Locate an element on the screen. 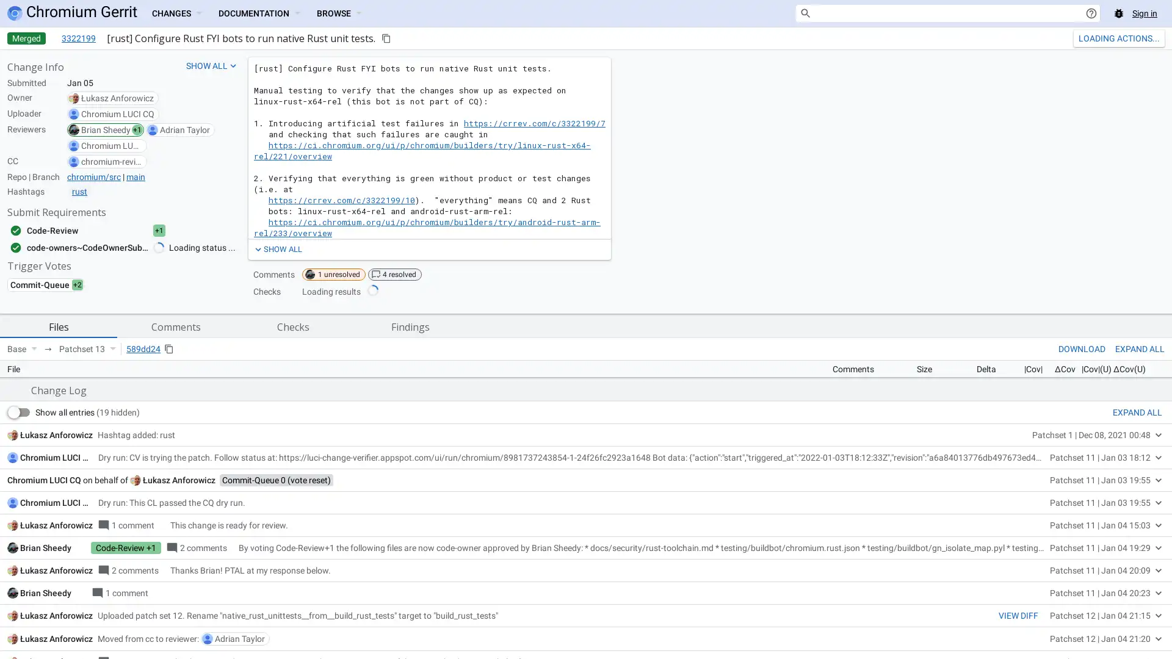 This screenshot has width=1172, height=659. Patchset 13 is located at coordinates (87, 348).